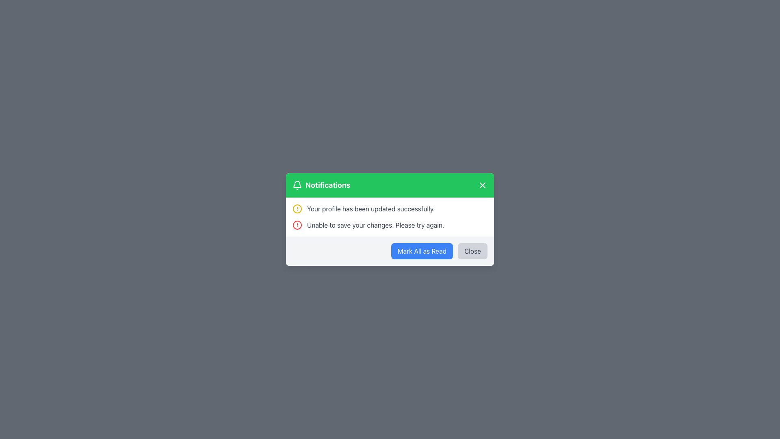 The image size is (780, 439). I want to click on the yellow circular vector graphic within the caution icon, located before the text 'Unable to save your changes. Please try again.', so click(297, 208).